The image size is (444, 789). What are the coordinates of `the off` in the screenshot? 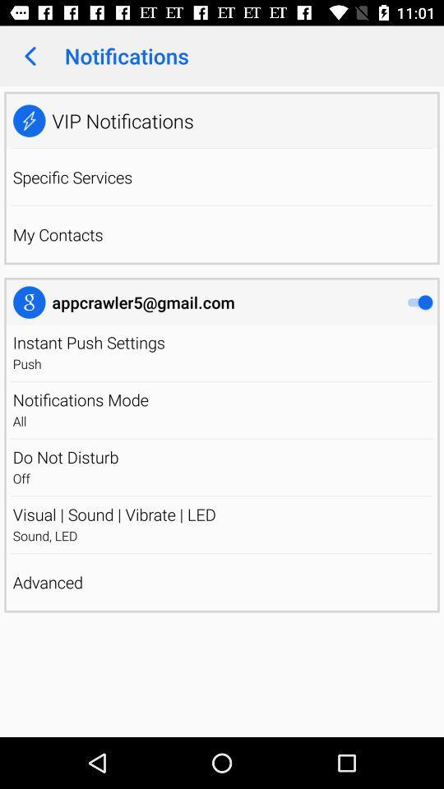 It's located at (21, 478).